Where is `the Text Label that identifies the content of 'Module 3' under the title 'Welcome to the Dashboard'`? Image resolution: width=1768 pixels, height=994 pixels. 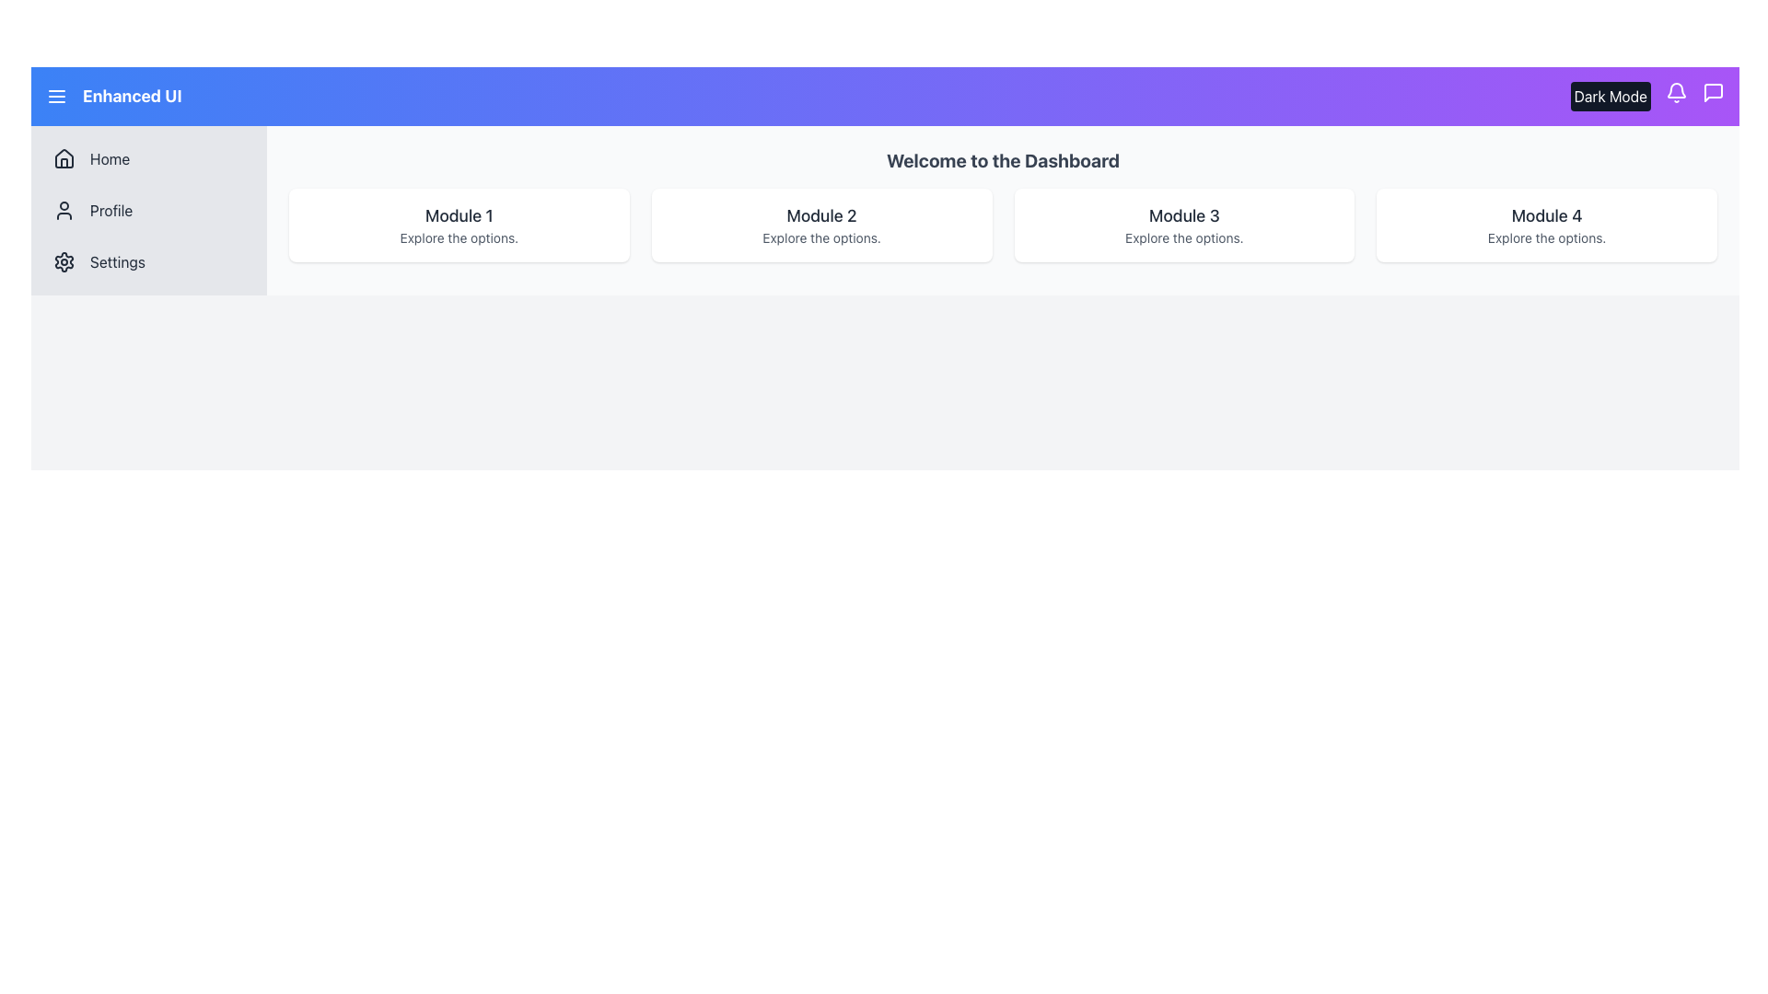
the Text Label that identifies the content of 'Module 3' under the title 'Welcome to the Dashboard' is located at coordinates (1184, 215).